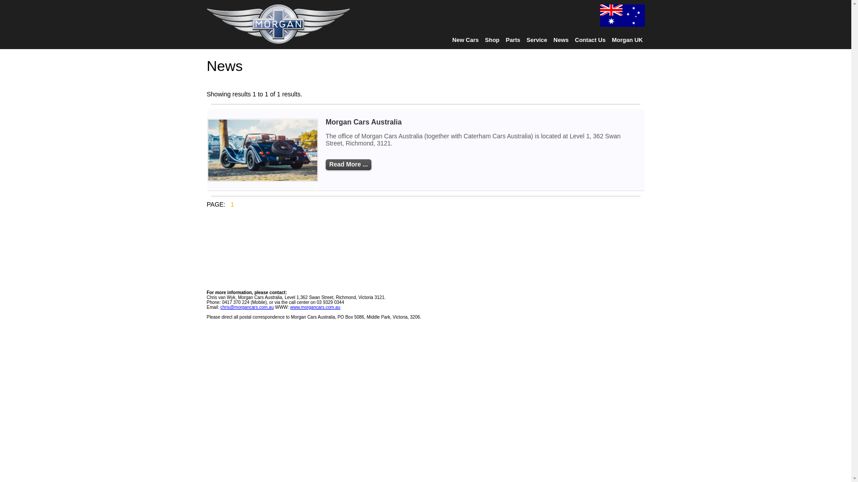  Describe the element at coordinates (513, 39) in the screenshot. I see `'Parts'` at that location.